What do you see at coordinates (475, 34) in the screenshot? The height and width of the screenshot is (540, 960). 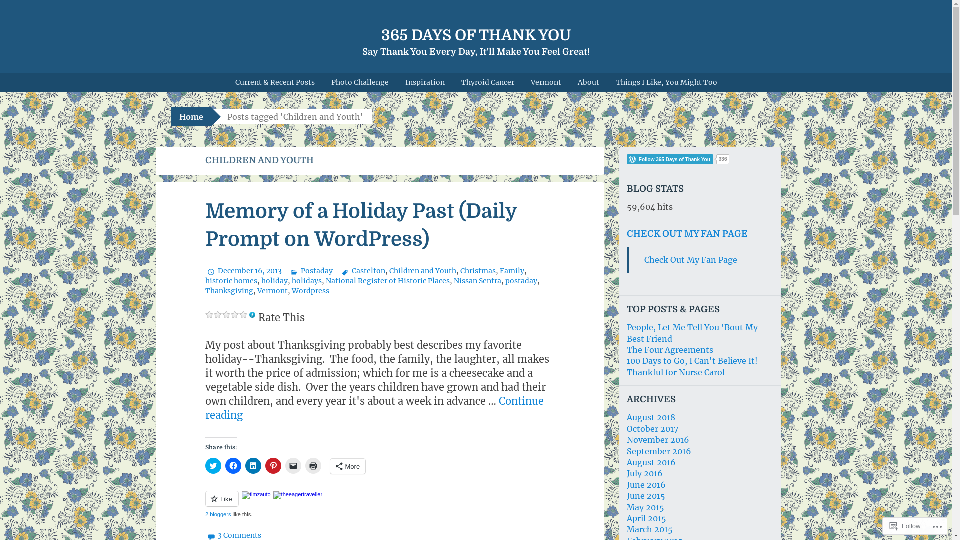 I see `'365 DAYS OF THANK YOU'` at bounding box center [475, 34].